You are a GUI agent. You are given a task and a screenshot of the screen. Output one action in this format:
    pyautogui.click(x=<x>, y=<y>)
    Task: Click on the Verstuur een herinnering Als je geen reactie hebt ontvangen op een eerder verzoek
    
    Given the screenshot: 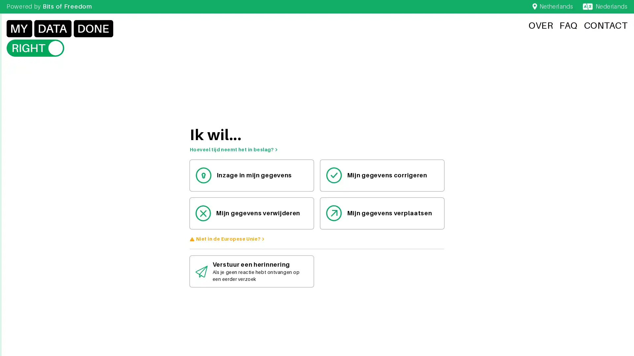 What is the action you would take?
    pyautogui.click(x=251, y=271)
    